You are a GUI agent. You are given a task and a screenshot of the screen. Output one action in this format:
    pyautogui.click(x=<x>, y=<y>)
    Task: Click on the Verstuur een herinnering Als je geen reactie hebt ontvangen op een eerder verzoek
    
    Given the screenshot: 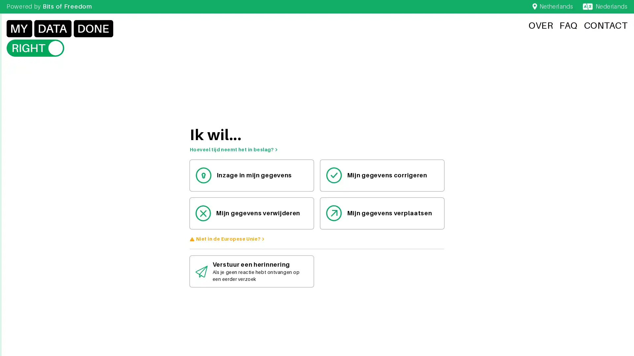 What is the action you would take?
    pyautogui.click(x=251, y=271)
    